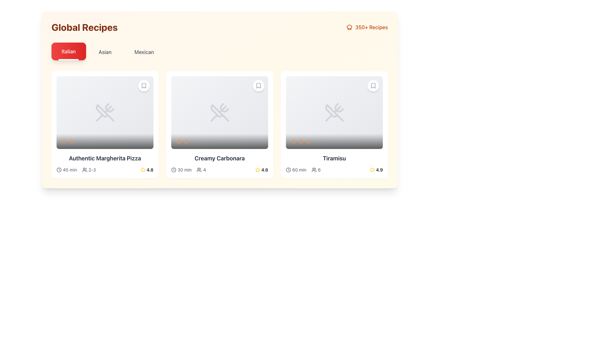  Describe the element at coordinates (334, 141) in the screenshot. I see `the horizontal arrangement of flame icons located at the bottom section of the 'Tiramisu' recipe card, underneath the image area` at that location.